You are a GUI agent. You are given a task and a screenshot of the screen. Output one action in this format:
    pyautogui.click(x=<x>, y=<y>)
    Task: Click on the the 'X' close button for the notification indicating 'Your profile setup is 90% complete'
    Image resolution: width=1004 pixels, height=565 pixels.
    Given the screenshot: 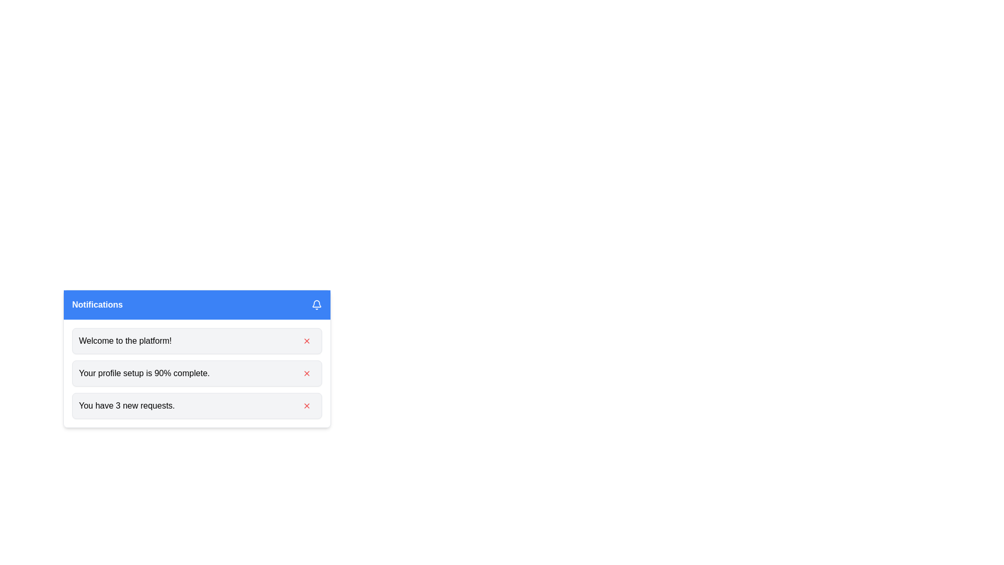 What is the action you would take?
    pyautogui.click(x=306, y=372)
    